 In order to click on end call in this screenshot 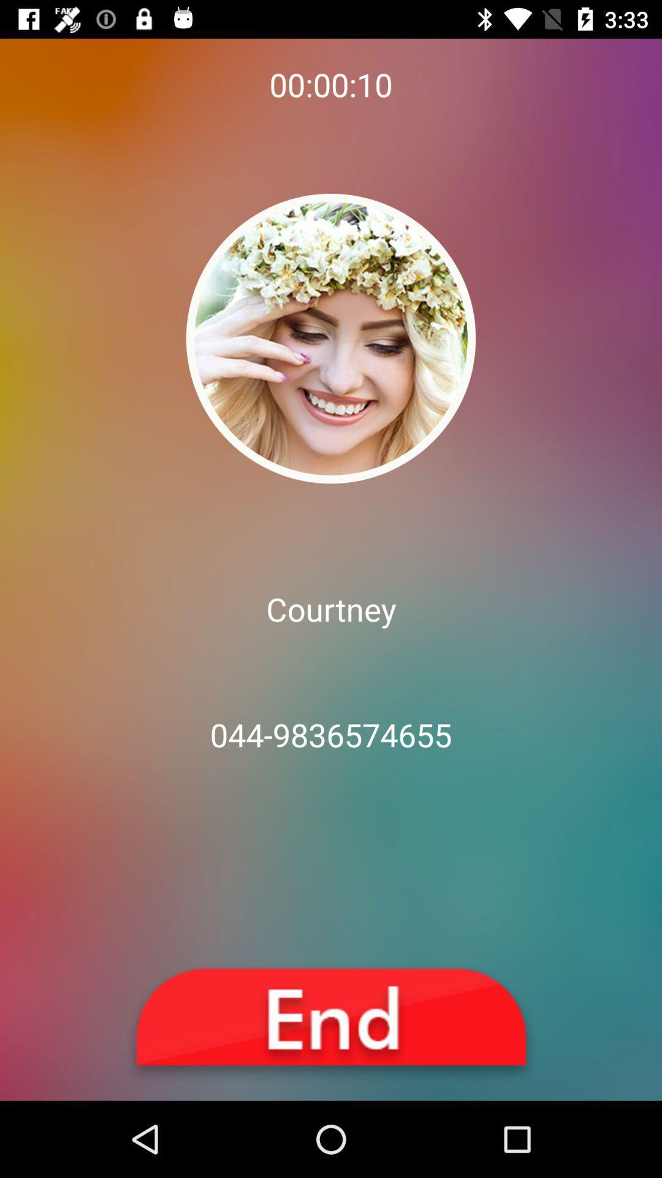, I will do `click(331, 1023)`.